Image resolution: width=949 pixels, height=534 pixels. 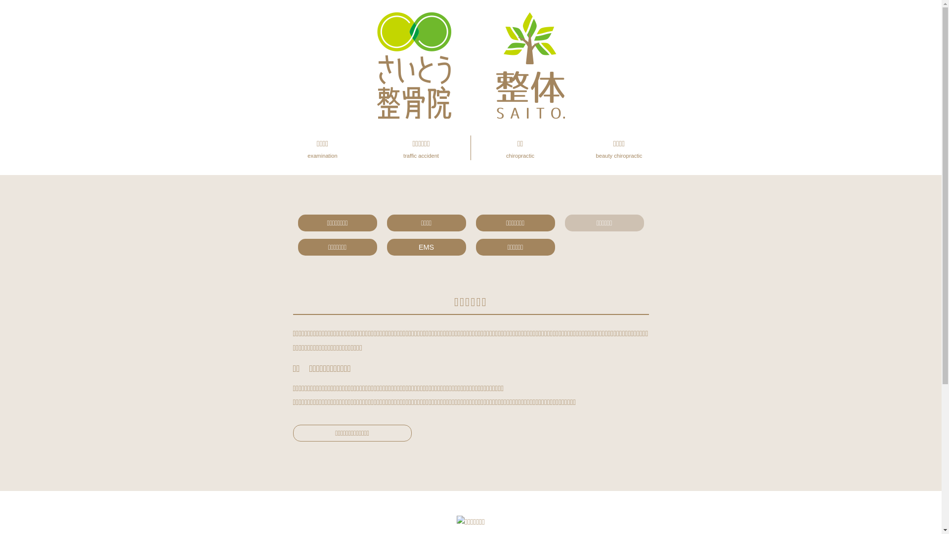 I want to click on 'EMS', so click(x=426, y=247).